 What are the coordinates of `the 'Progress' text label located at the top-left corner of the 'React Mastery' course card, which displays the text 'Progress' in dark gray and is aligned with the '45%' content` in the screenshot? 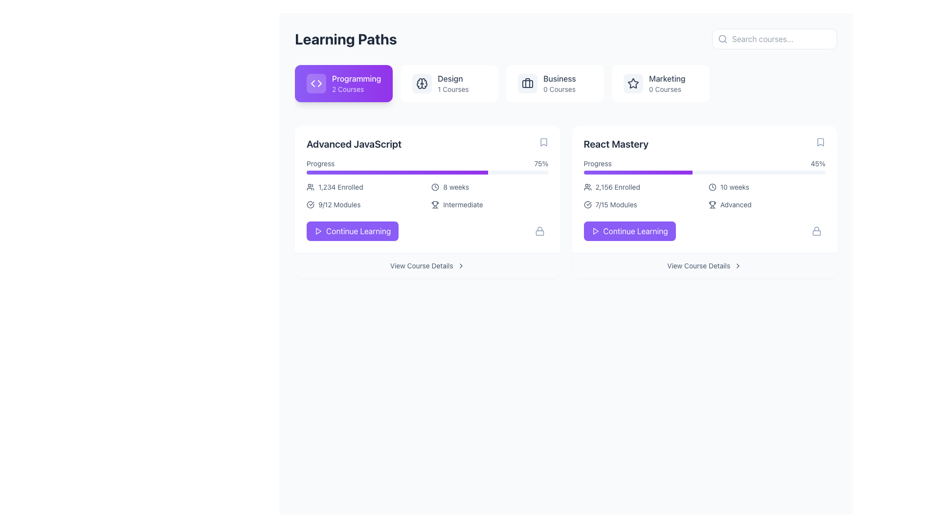 It's located at (597, 163).